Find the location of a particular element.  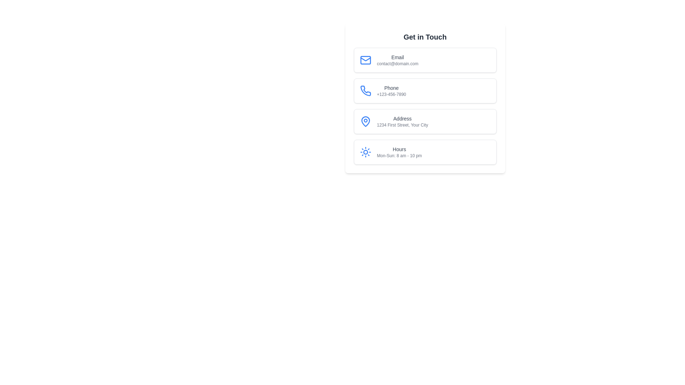

text displaying the phone number '+123-456-7890' which is right-aligned under the label 'Phone' in the contact information card is located at coordinates (391, 94).